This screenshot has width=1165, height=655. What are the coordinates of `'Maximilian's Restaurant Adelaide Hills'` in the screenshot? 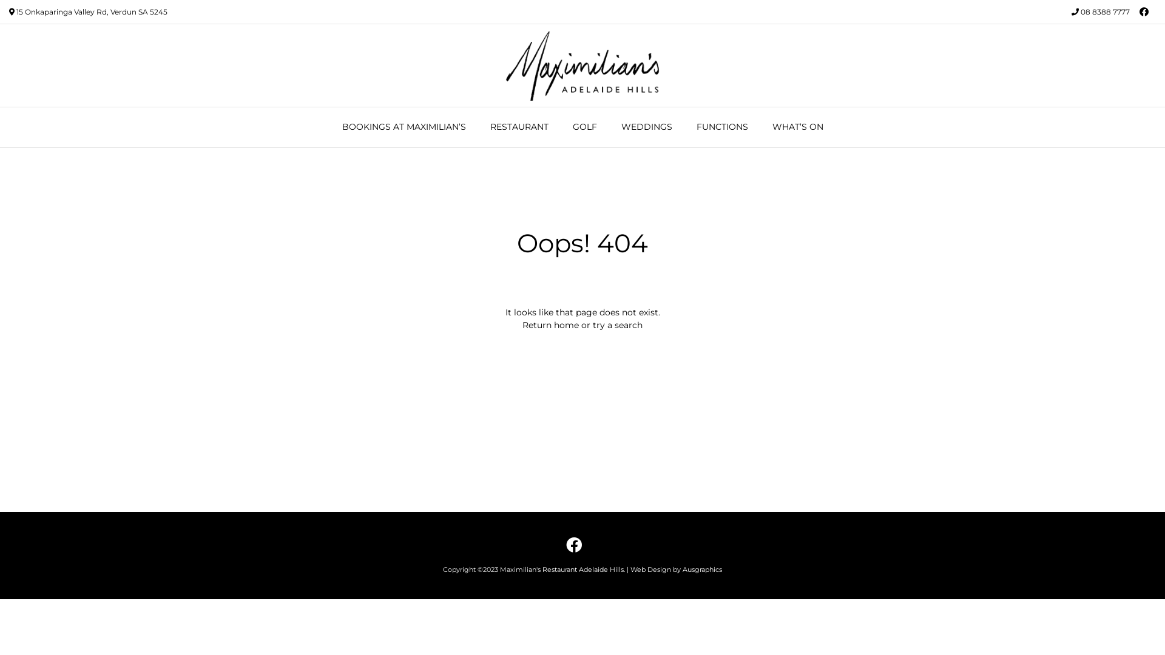 It's located at (500, 569).